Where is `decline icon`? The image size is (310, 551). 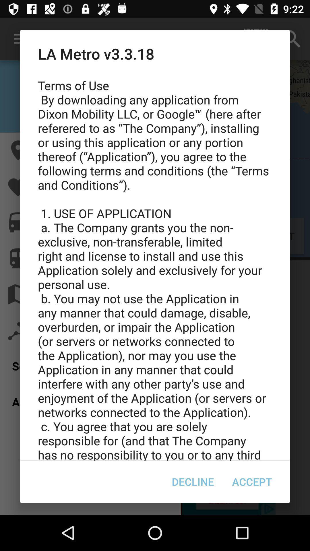 decline icon is located at coordinates (193, 482).